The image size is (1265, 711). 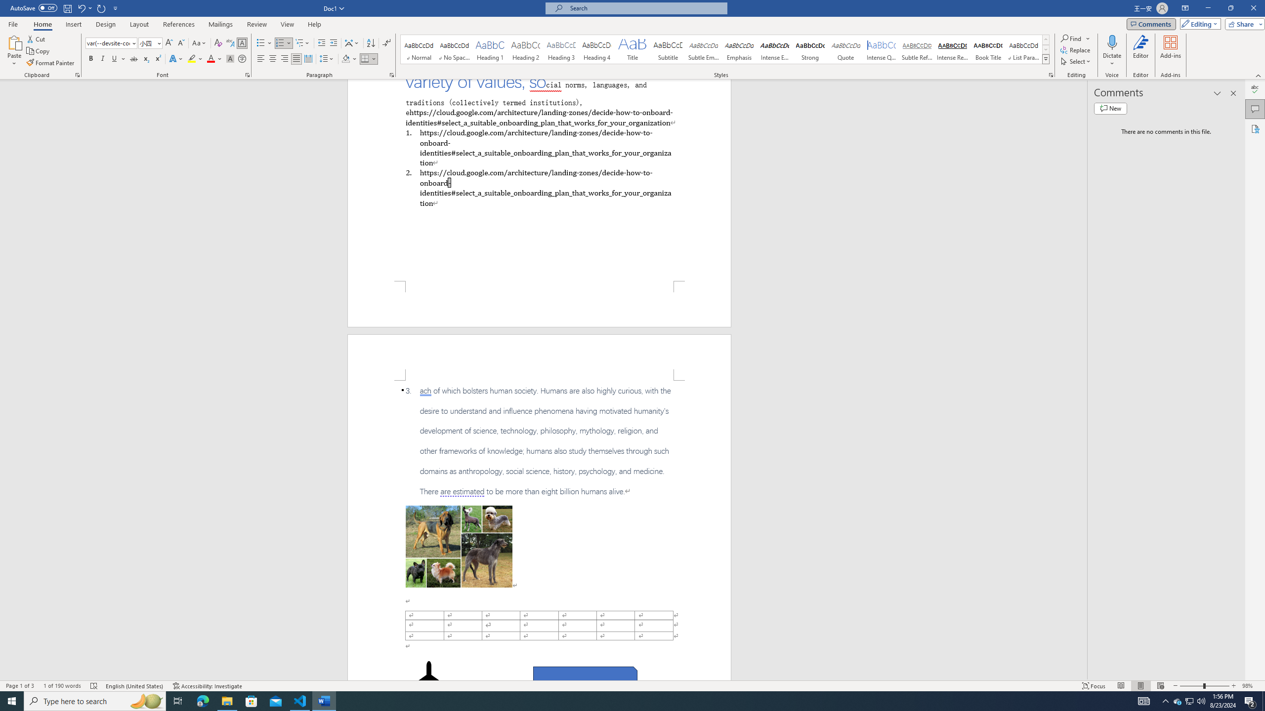 I want to click on 'Share', so click(x=1243, y=23).